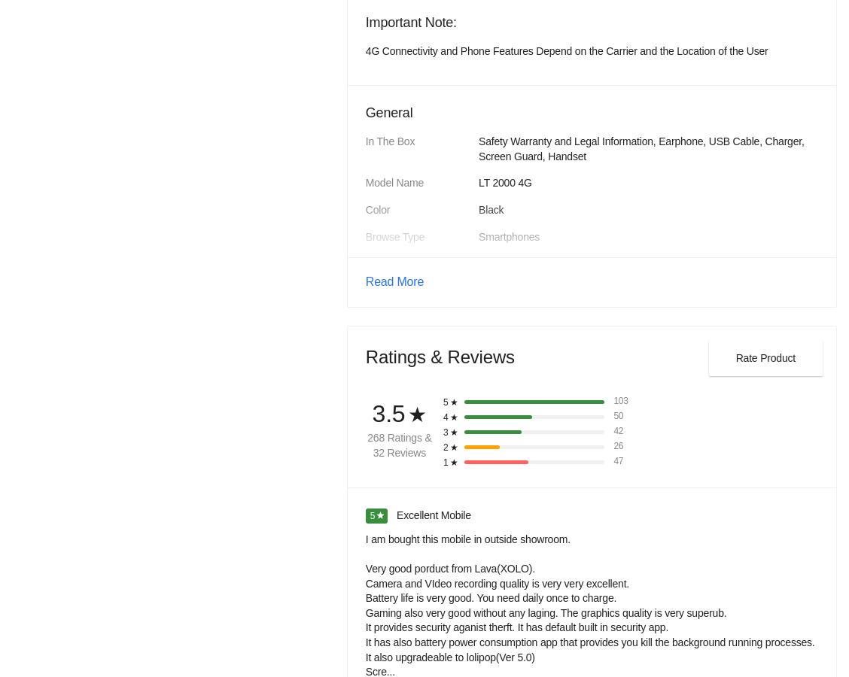 This screenshot has width=849, height=677. What do you see at coordinates (485, 405) in the screenshot?
I see `'HD'` at bounding box center [485, 405].